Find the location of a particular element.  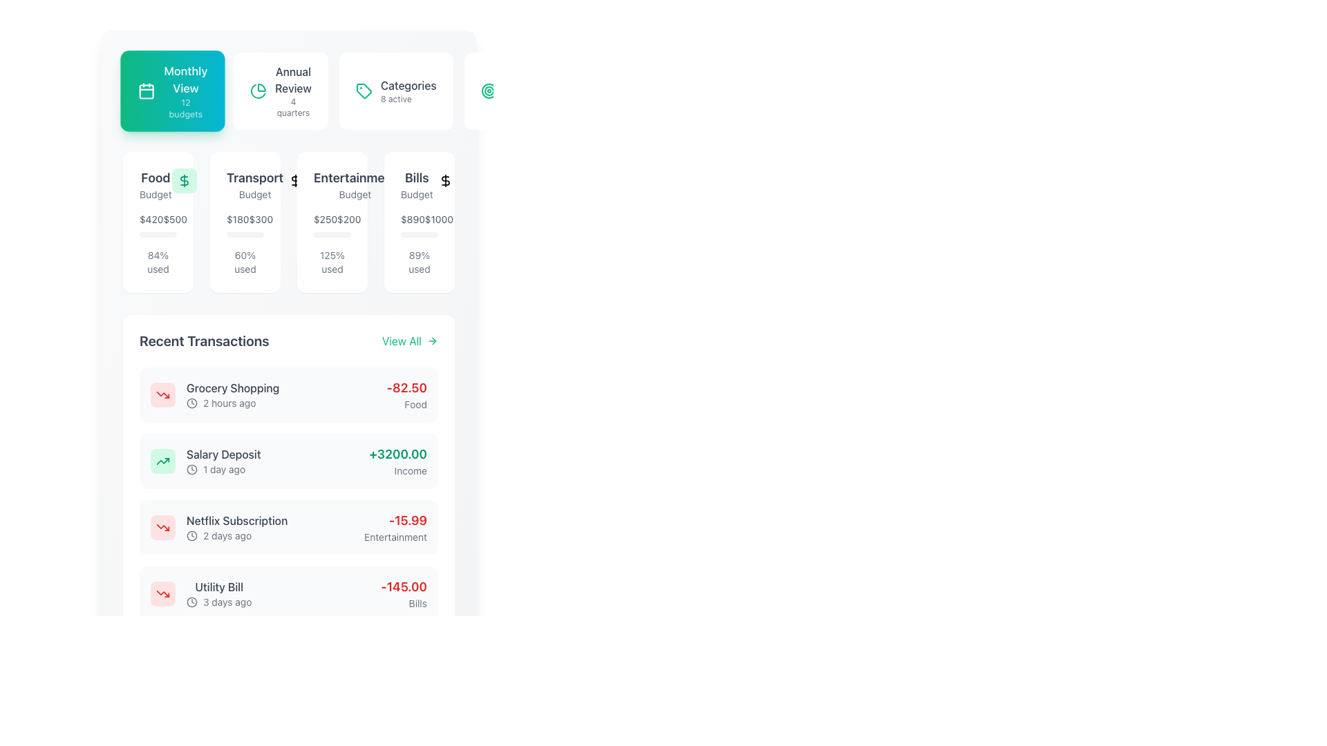

the small circular clock icon located to the immediate left of the text '2 hours ago' in the 'Recent Transactions' section is located at coordinates (191, 403).